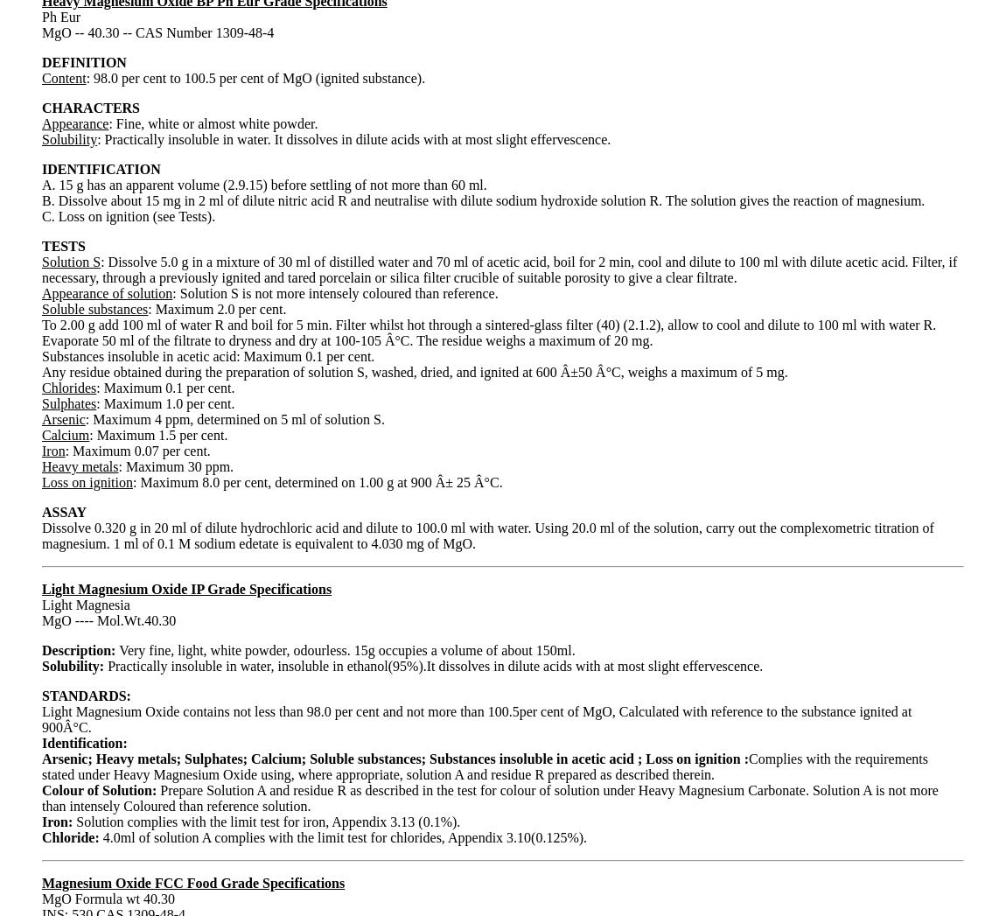 The image size is (1006, 916). I want to click on 'Iron:', so click(56, 821).